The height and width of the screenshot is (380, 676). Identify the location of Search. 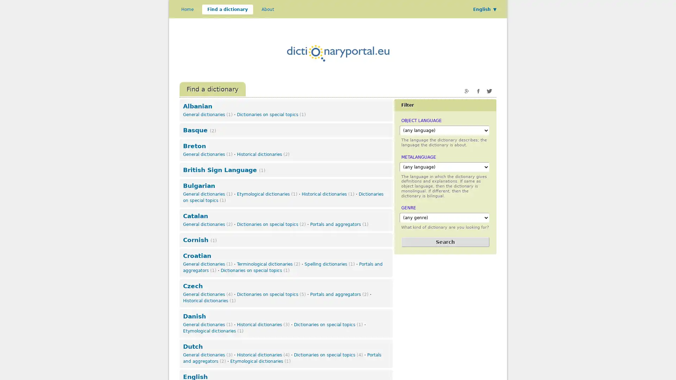
(445, 241).